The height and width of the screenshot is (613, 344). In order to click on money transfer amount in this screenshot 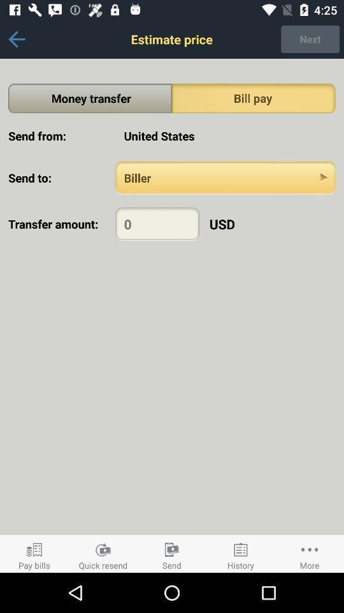, I will do `click(157, 223)`.